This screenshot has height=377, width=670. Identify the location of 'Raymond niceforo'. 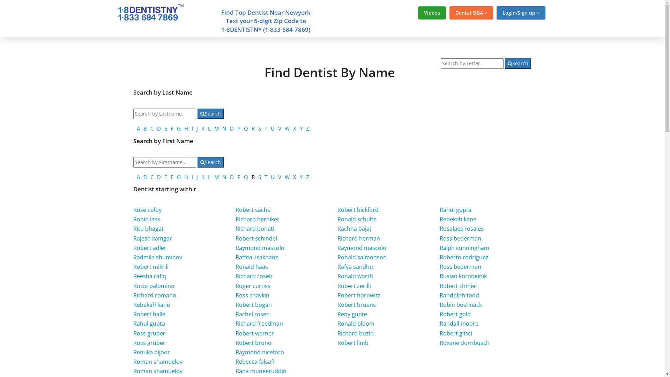
(259, 352).